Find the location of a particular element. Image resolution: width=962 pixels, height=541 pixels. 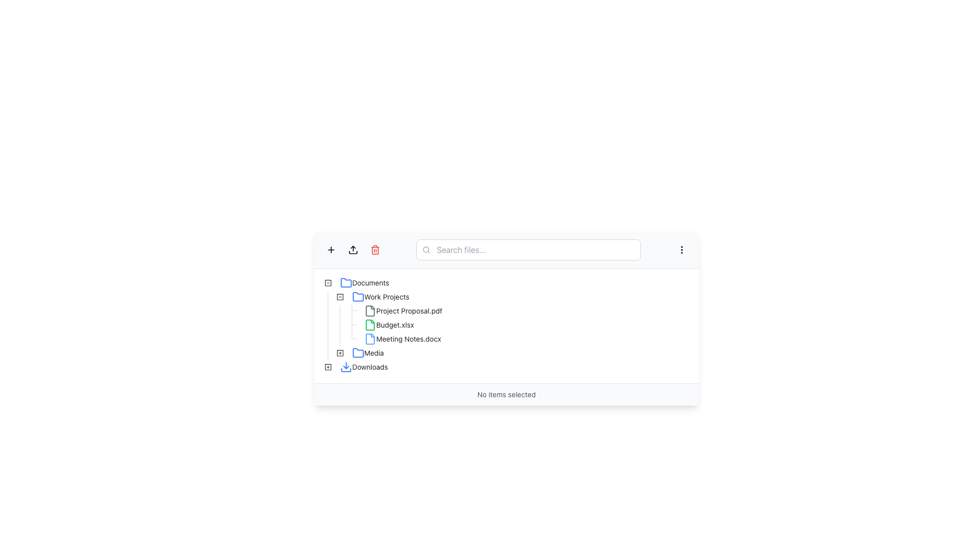

the interactive icon representing a collapsed or expanded folder state next to the 'Work Projects' label under the 'Documents' section is located at coordinates (340, 297).